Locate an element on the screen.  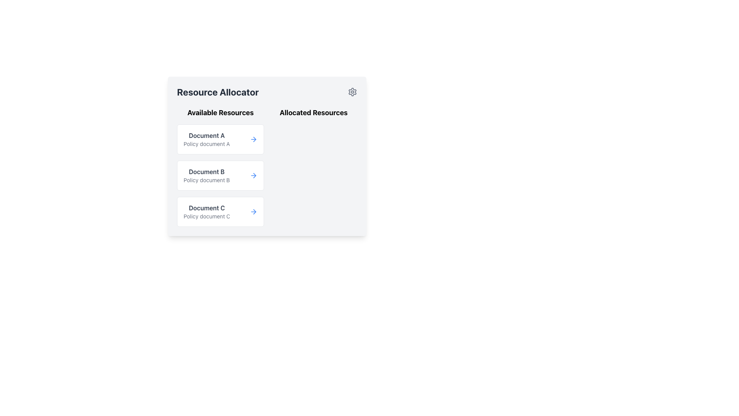
the non-interactive descriptive Text label that provides information about the document titled 'Document C', located under the 'Available Resources' section is located at coordinates (207, 216).